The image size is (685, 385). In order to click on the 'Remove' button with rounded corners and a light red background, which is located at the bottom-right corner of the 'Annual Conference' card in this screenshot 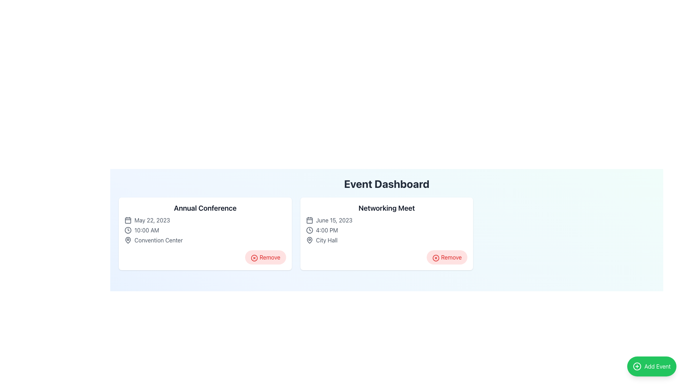, I will do `click(265, 257)`.